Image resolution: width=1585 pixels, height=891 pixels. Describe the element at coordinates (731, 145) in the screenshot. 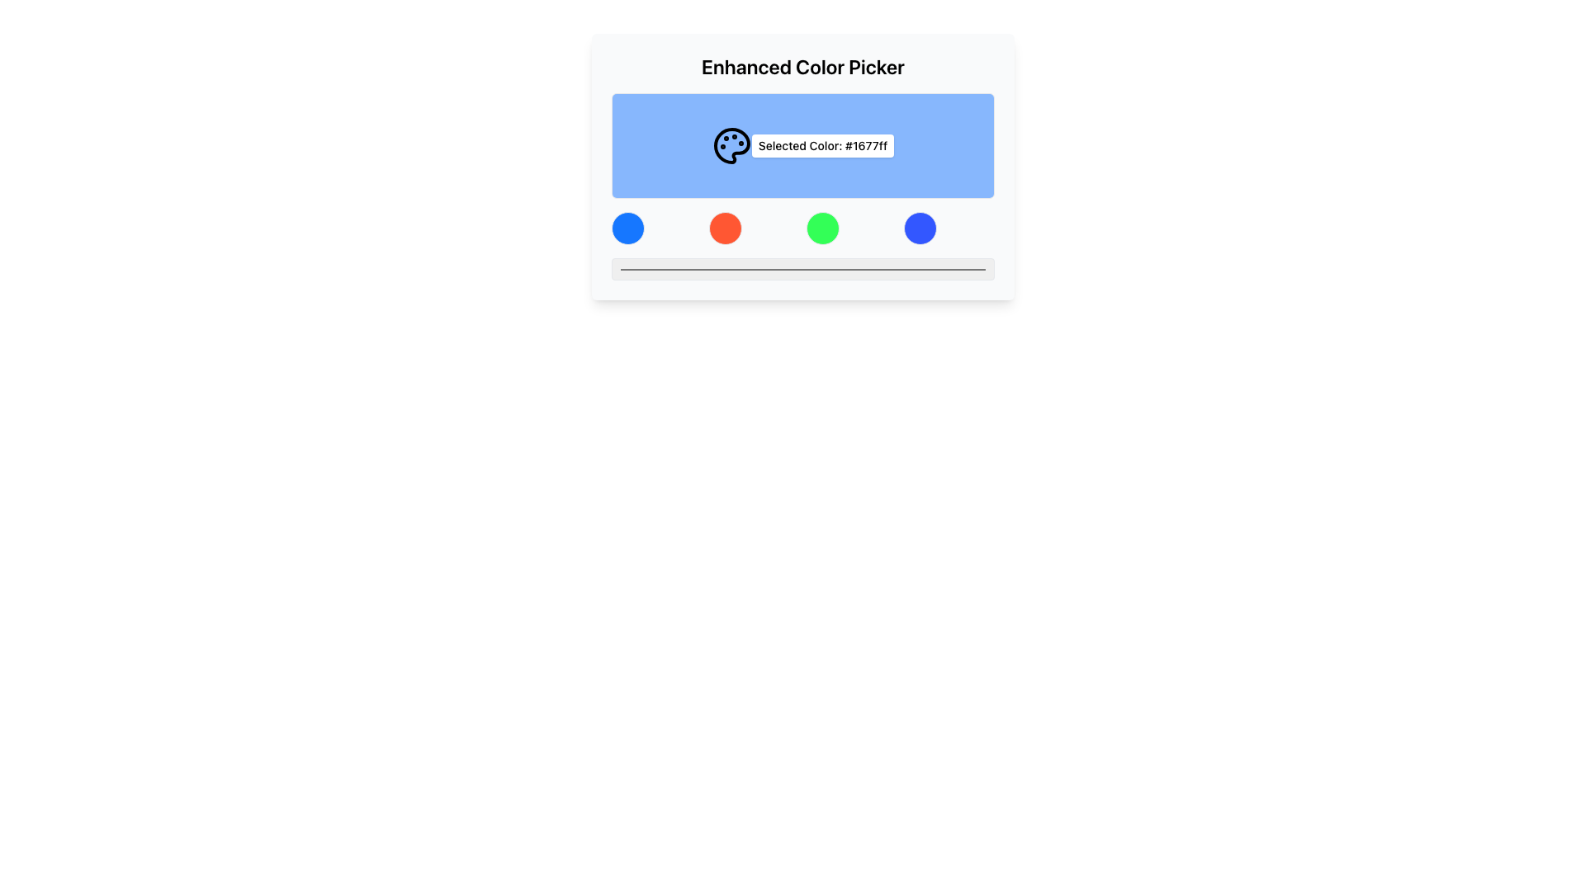

I see `the painter's palette icon located in the blue rectangular area beneath the title 'Enhanced Color Picker' and adjacent to the text 'Selected Color: #1677ff'` at that location.